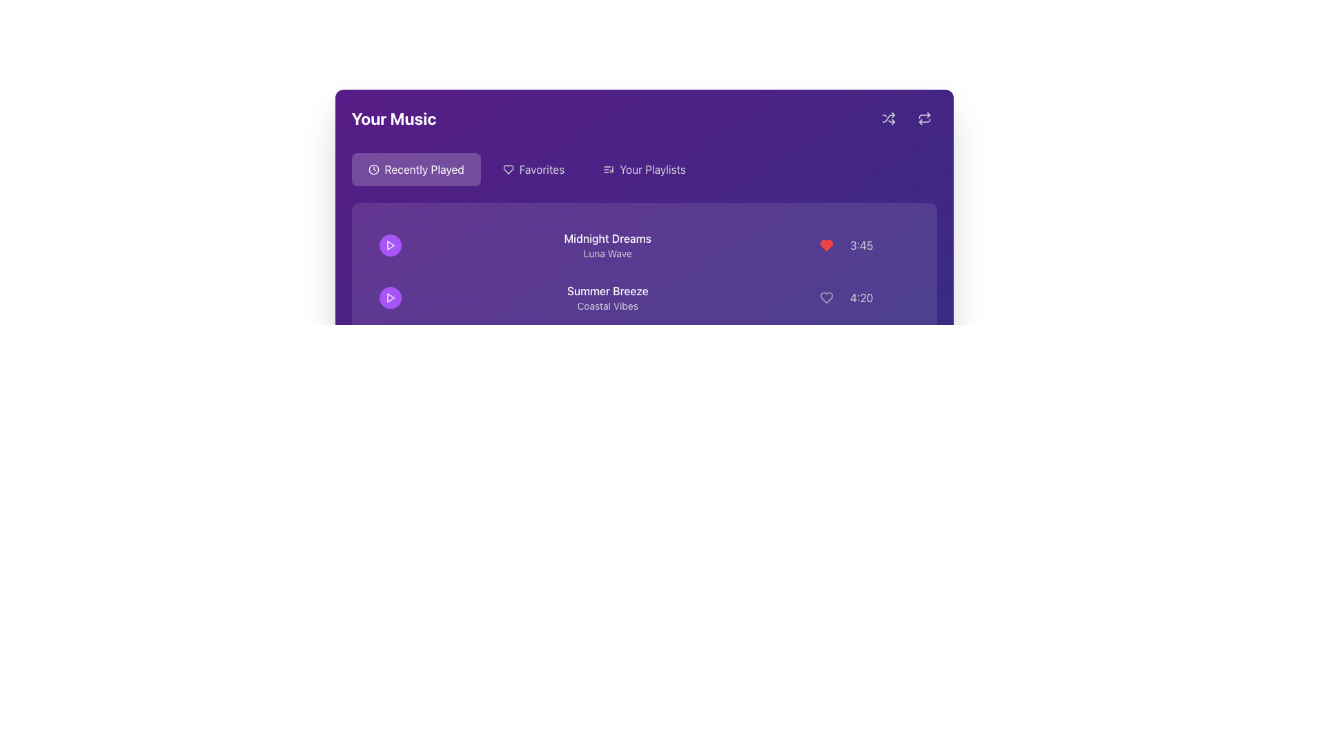 Image resolution: width=1325 pixels, height=745 pixels. I want to click on the 'repeat' action button, which is an icon with two arrows in a circular motion, located in the top right corner of the purple interface, so click(924, 118).